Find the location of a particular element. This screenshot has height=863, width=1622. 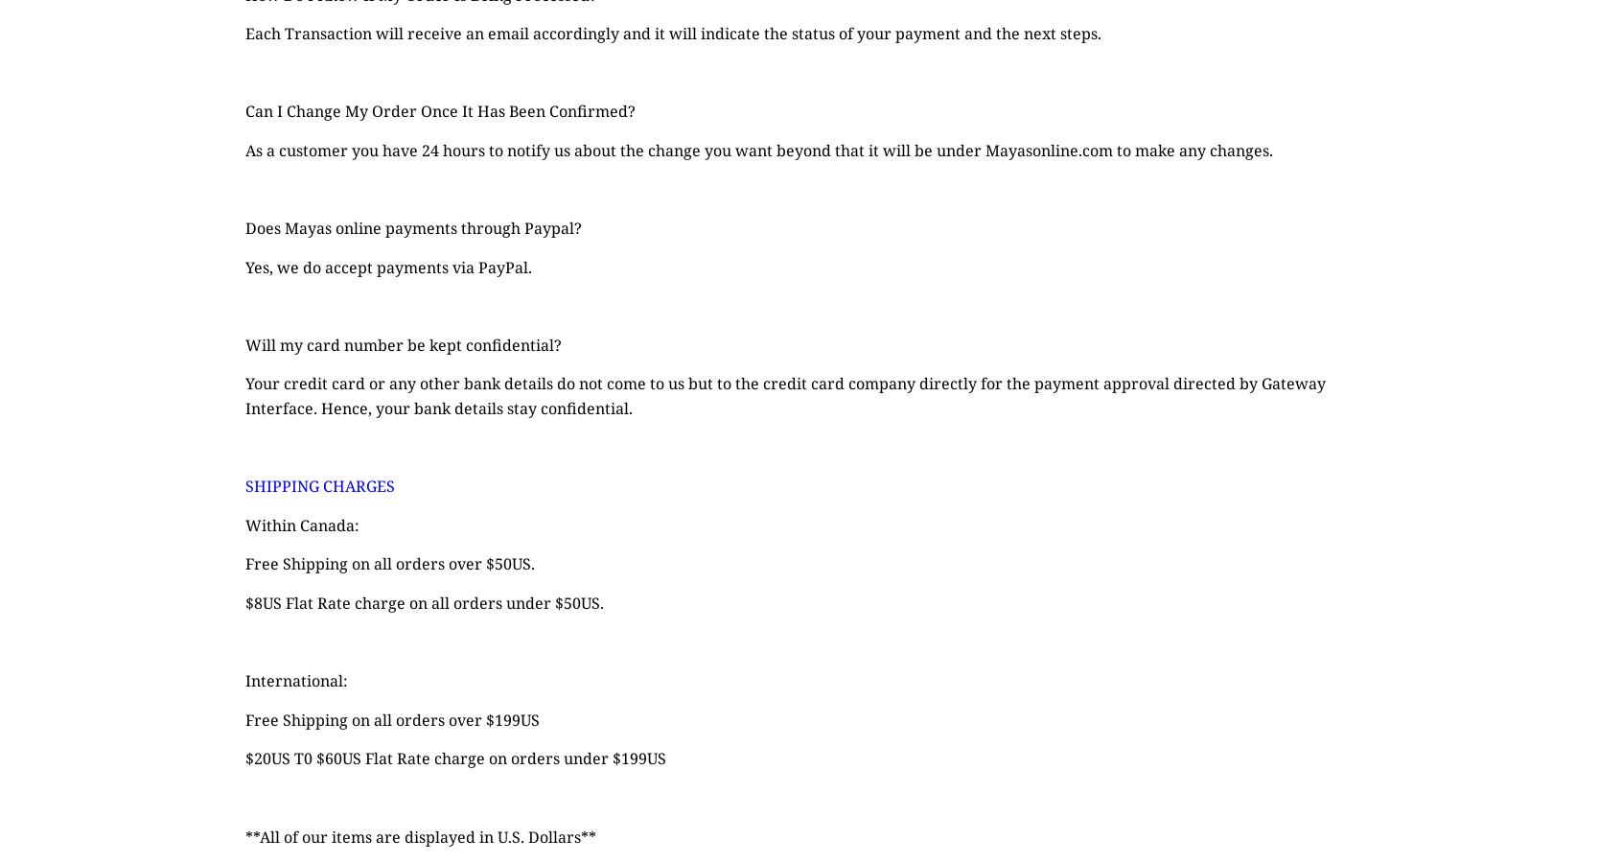

'Your credit card or any other bank details do not come to us but to the credit card company directly for the payment approval directed by Gateway Interface. Hence, your bank details stay confidential.' is located at coordinates (785, 396).